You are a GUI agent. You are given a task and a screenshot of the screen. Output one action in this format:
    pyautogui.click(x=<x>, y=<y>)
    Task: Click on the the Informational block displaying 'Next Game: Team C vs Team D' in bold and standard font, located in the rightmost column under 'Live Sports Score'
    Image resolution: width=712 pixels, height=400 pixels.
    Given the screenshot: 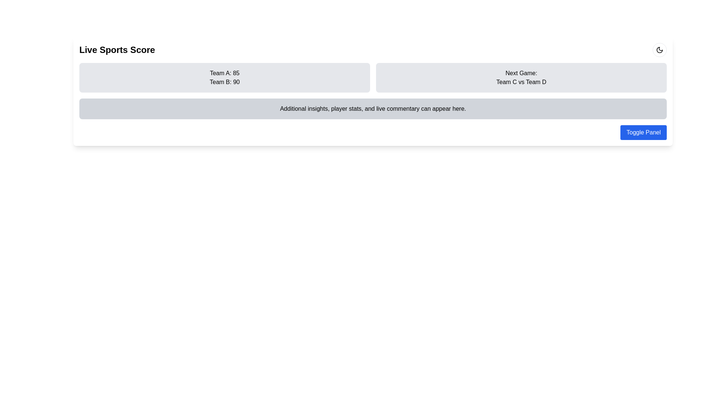 What is the action you would take?
    pyautogui.click(x=521, y=77)
    